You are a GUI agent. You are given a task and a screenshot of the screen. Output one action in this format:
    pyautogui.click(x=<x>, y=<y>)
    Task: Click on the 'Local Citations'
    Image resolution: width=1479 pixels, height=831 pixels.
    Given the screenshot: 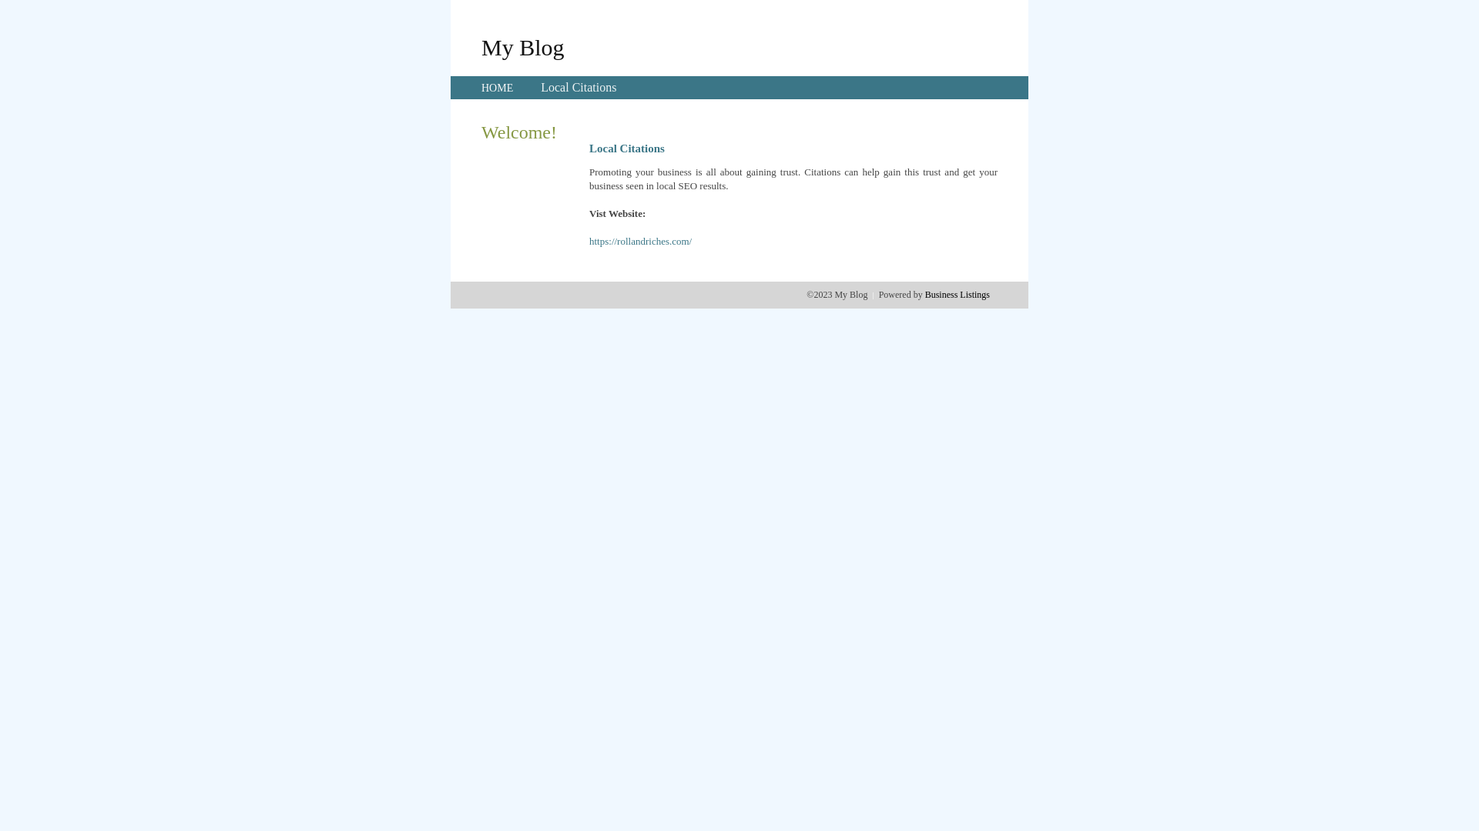 What is the action you would take?
    pyautogui.click(x=577, y=87)
    